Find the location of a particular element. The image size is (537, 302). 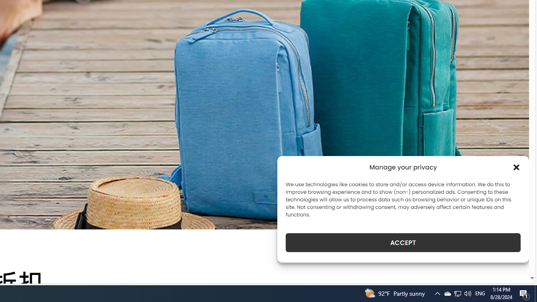

'ACCEPT' is located at coordinates (403, 242).